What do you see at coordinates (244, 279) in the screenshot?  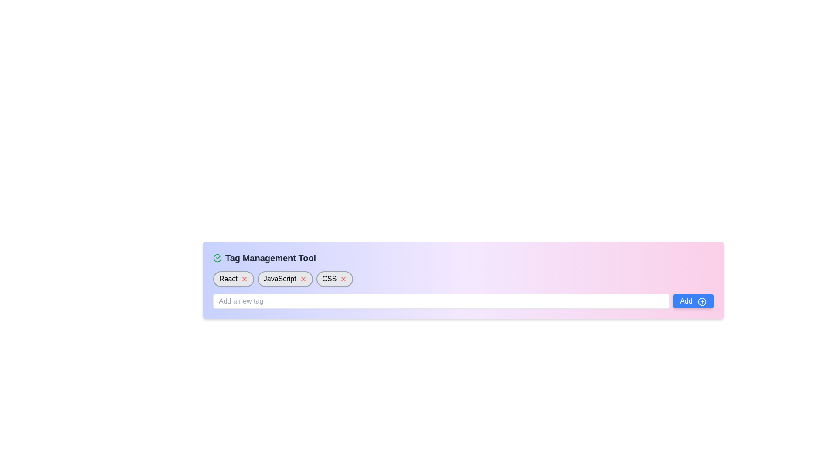 I see `the removal button for the tag labeled 'React'` at bounding box center [244, 279].